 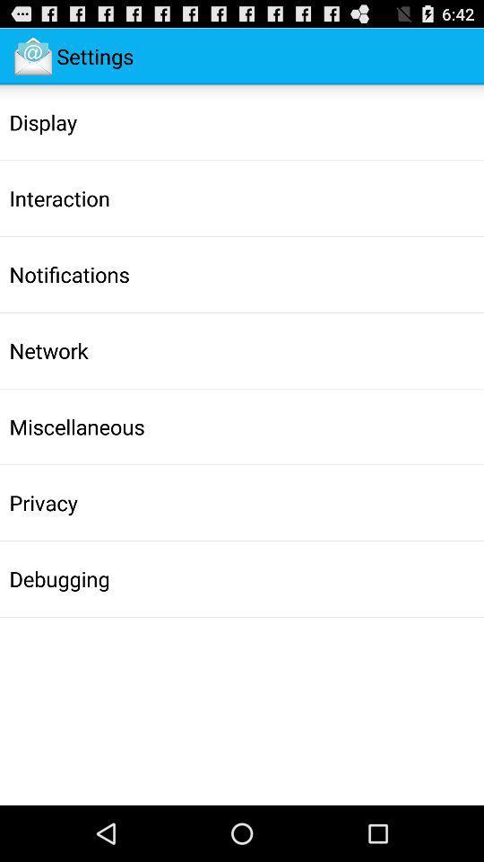 What do you see at coordinates (59, 198) in the screenshot?
I see `app above the notifications` at bounding box center [59, 198].